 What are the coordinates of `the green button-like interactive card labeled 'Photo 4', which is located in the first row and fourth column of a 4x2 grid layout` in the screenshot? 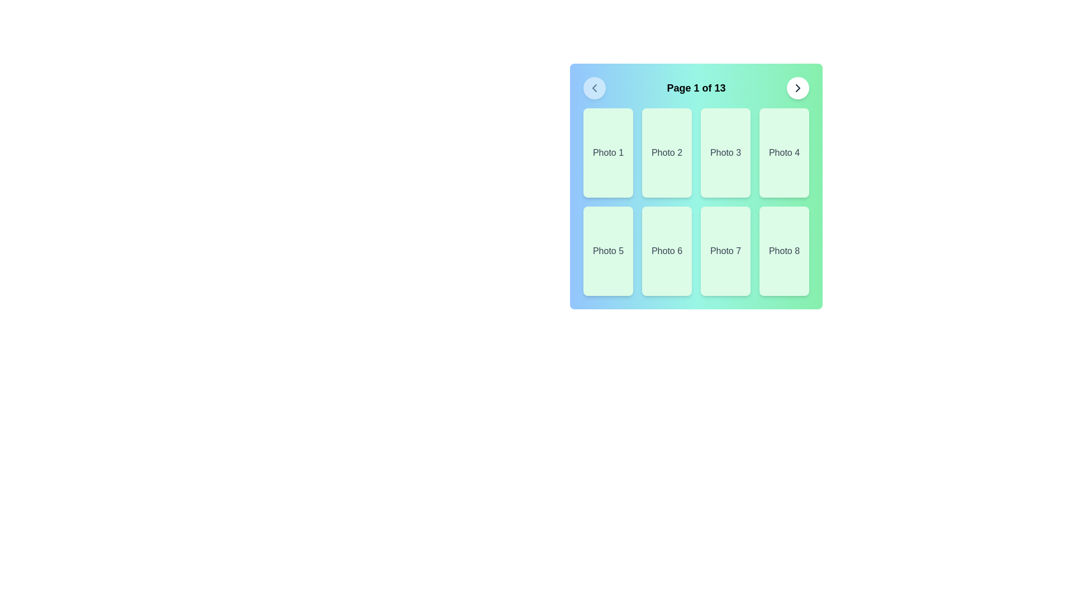 It's located at (784, 152).